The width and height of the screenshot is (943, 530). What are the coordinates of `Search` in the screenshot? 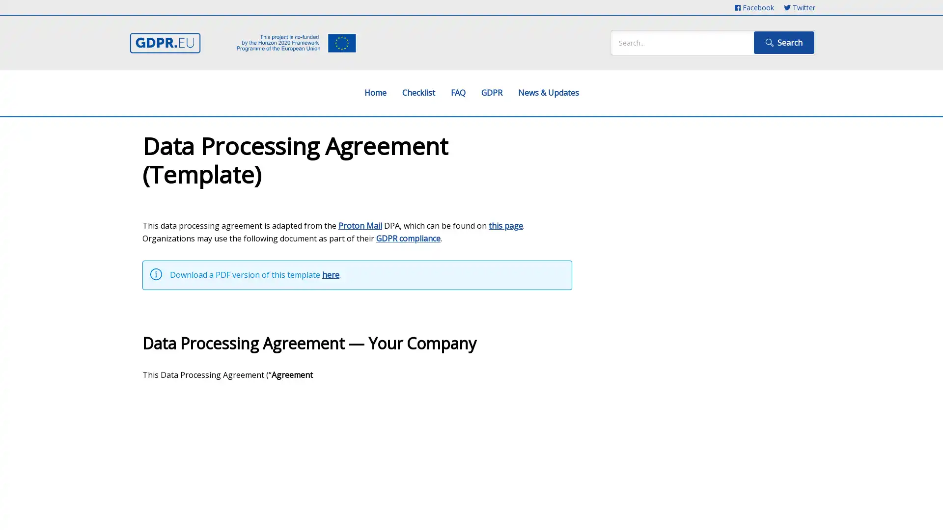 It's located at (783, 42).